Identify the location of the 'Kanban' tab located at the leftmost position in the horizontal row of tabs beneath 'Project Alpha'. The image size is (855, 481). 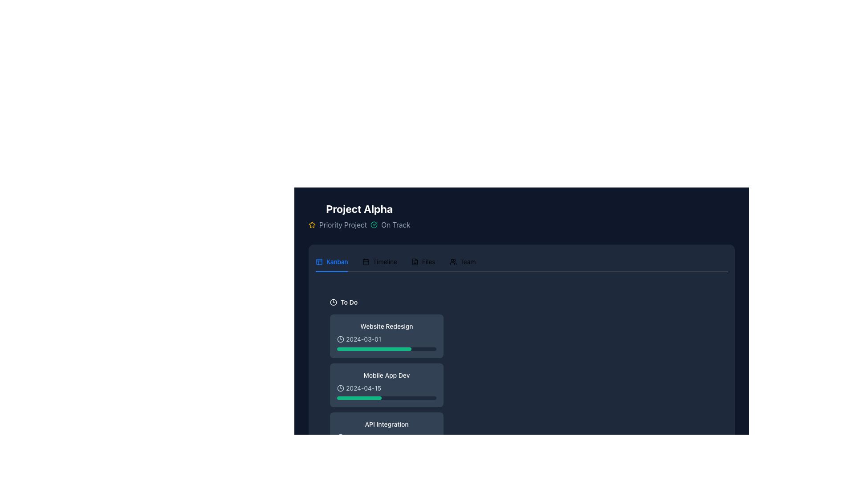
(331, 261).